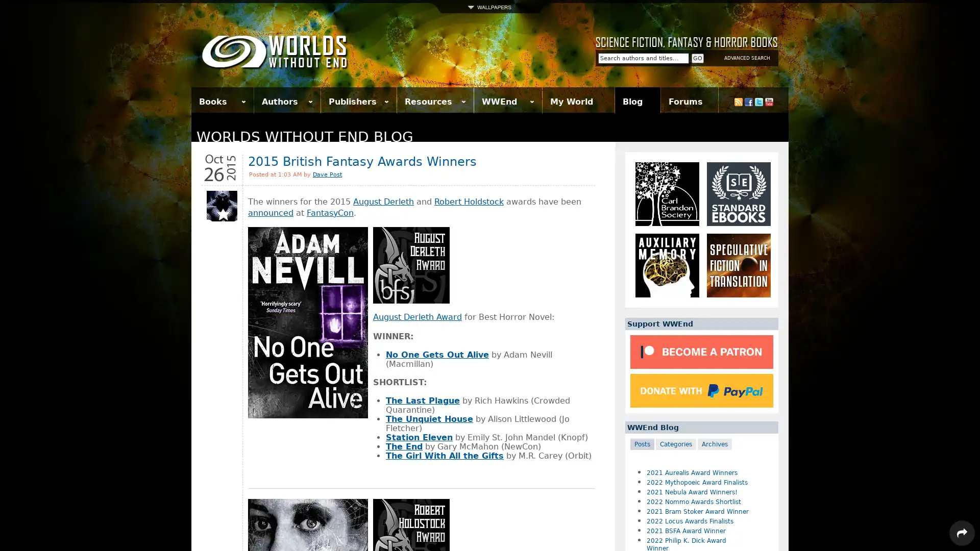 This screenshot has width=980, height=551. Describe the element at coordinates (701, 390) in the screenshot. I see `Donate with PayPal!` at that location.